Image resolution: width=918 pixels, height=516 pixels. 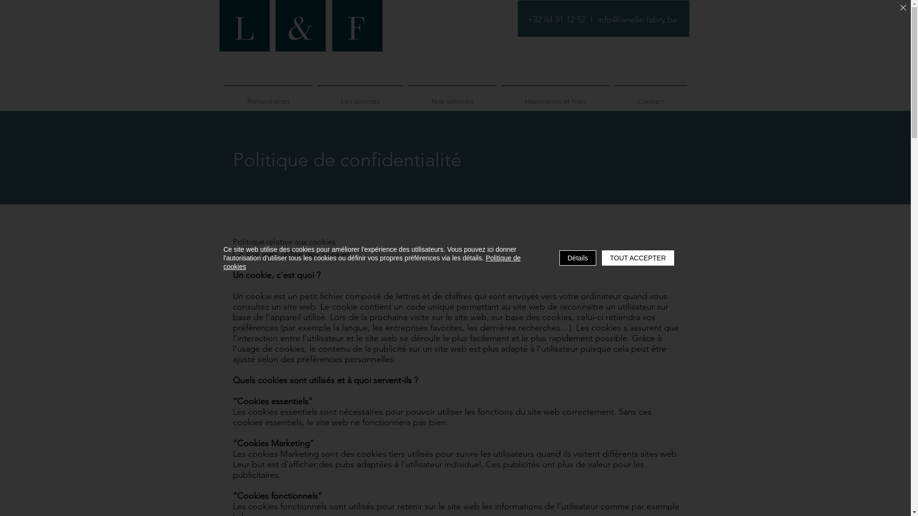 I want to click on 'Contact', so click(x=650, y=97).